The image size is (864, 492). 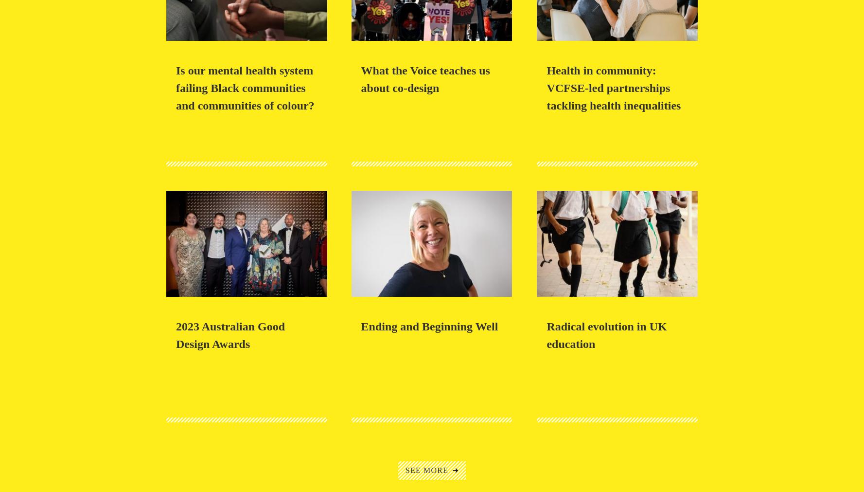 What do you see at coordinates (244, 439) in the screenshot?
I see `'Co-design of new WA model out-of-home care wins Gold at the 2023 Australian Good Design Awards'` at bounding box center [244, 439].